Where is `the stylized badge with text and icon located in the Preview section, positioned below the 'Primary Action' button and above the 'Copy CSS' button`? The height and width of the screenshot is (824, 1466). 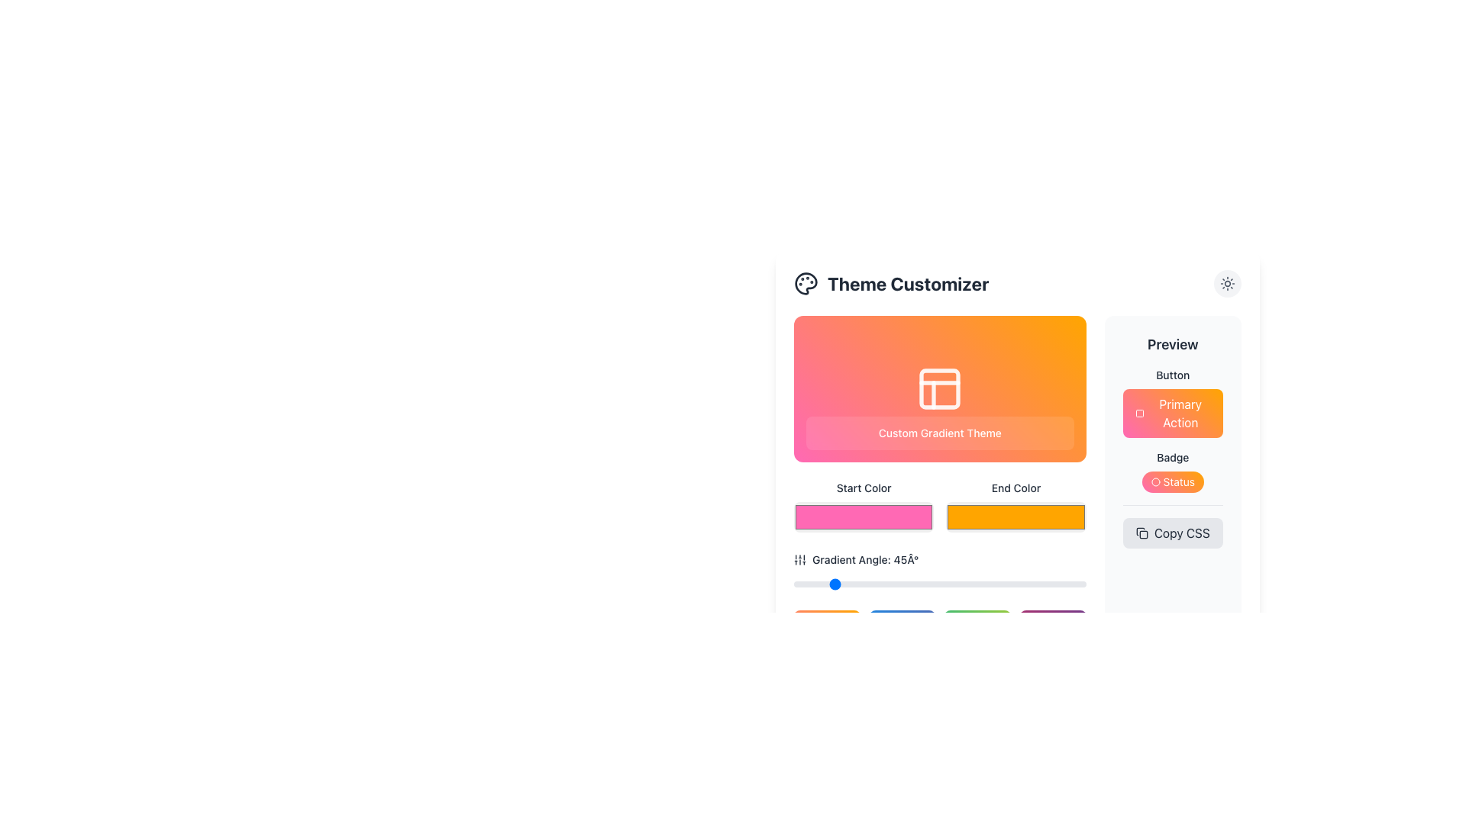
the stylized badge with text and icon located in the Preview section, positioned below the 'Primary Action' button and above the 'Copy CSS' button is located at coordinates (1172, 470).